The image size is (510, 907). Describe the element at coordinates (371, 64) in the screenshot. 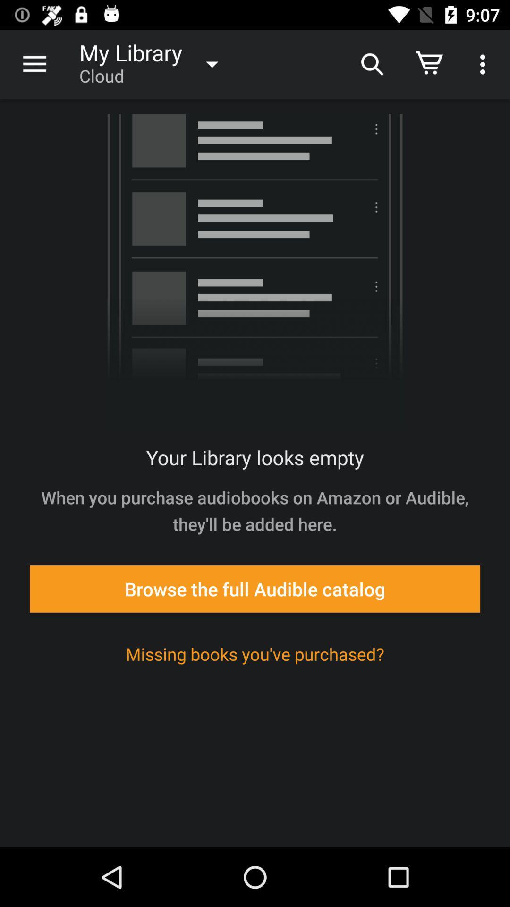

I see `icon next to the my library` at that location.